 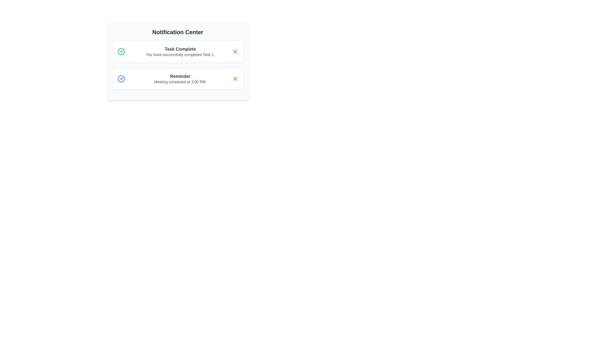 What do you see at coordinates (235, 79) in the screenshot?
I see `the red 'X' close button located at the top-right corner of the notification card containing the text 'Meeting scheduled at 3:00 PM.'` at bounding box center [235, 79].